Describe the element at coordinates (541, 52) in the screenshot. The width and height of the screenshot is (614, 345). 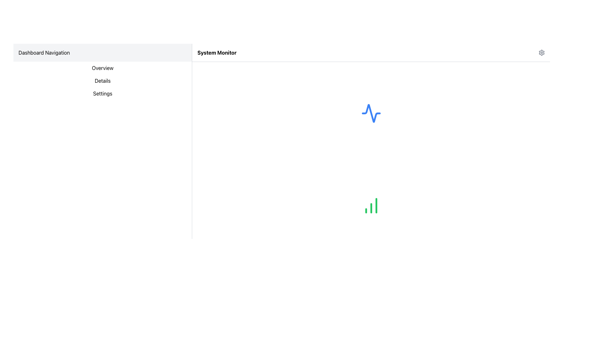
I see `the small gray gear icon located at the far right side of the horizontal toolbar, adjacent to the 'System Monitor' title` at that location.